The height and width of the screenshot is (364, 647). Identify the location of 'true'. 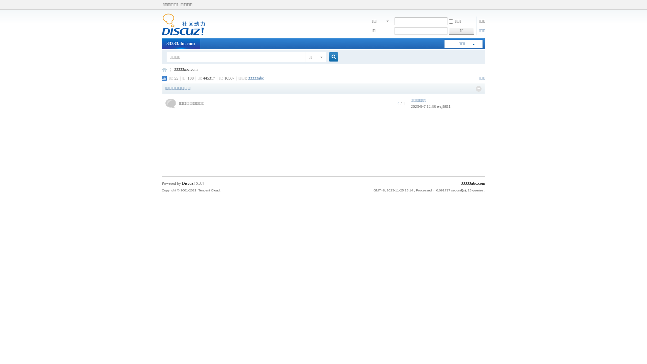
(331, 57).